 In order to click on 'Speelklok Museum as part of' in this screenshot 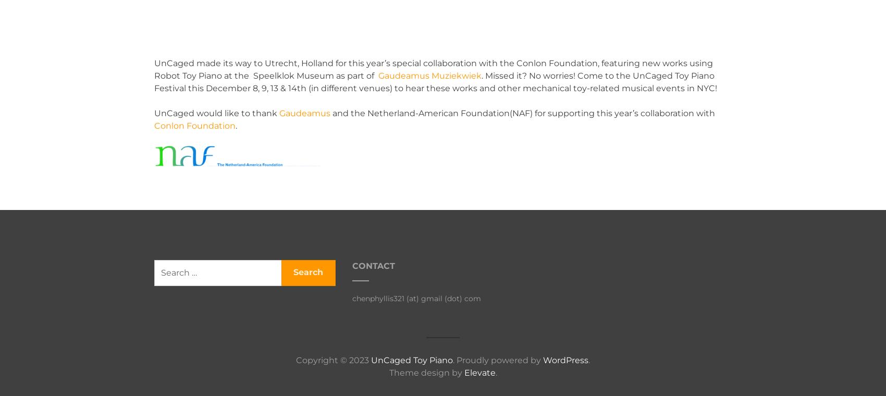, I will do `click(314, 76)`.